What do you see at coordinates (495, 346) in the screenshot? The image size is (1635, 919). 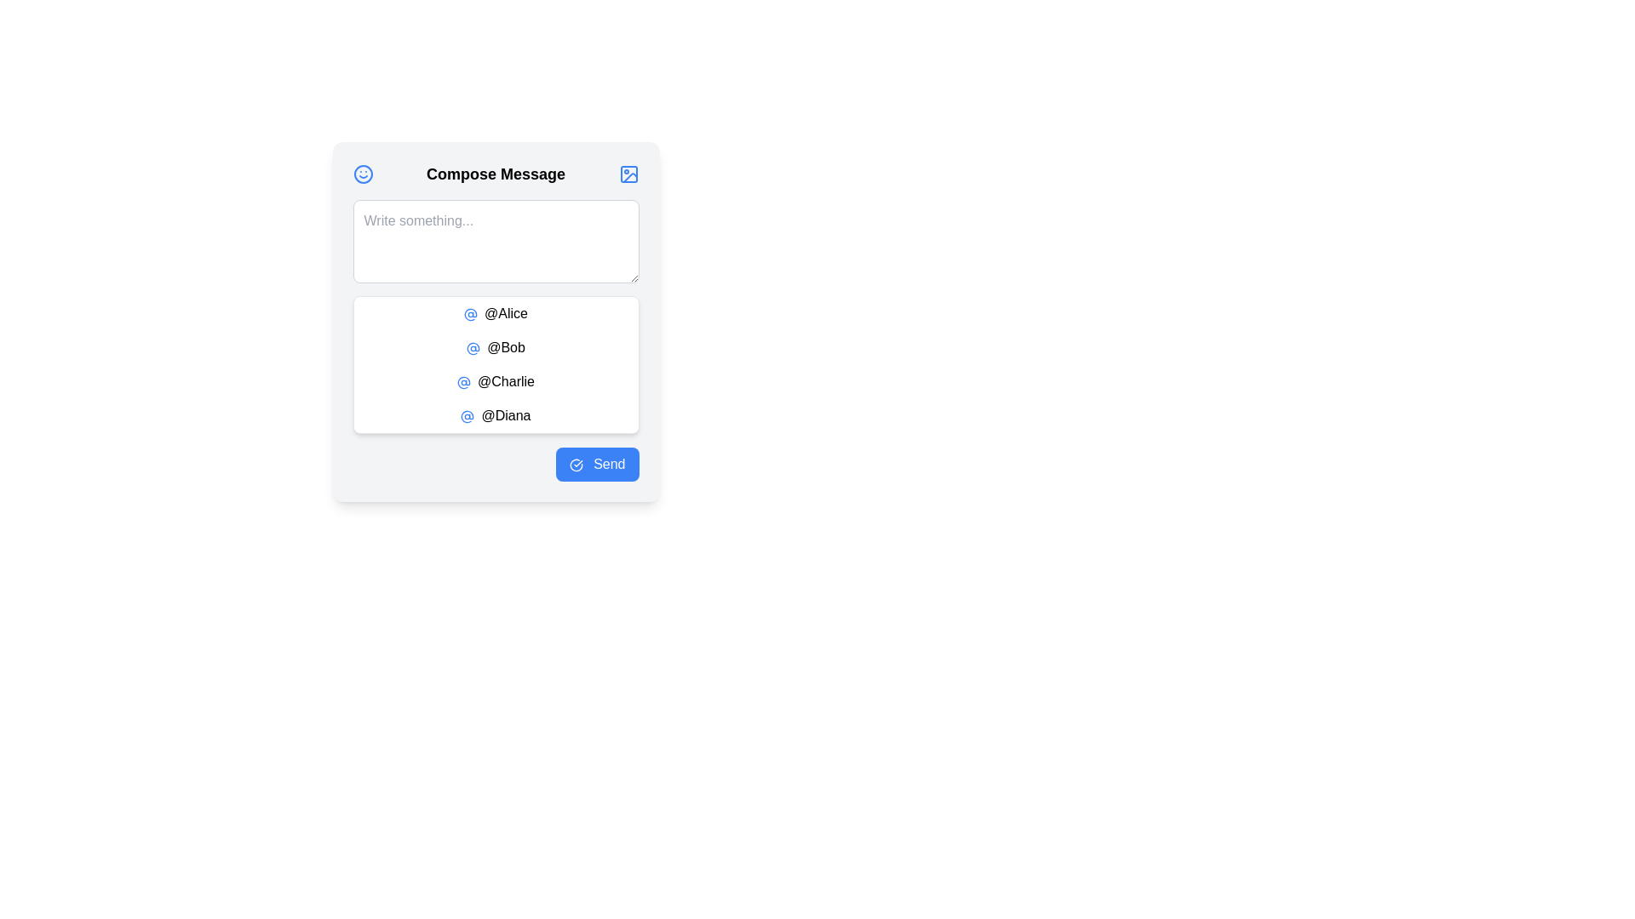 I see `the selectable list item displaying '@Bob' with a blue '@' icon` at bounding box center [495, 346].